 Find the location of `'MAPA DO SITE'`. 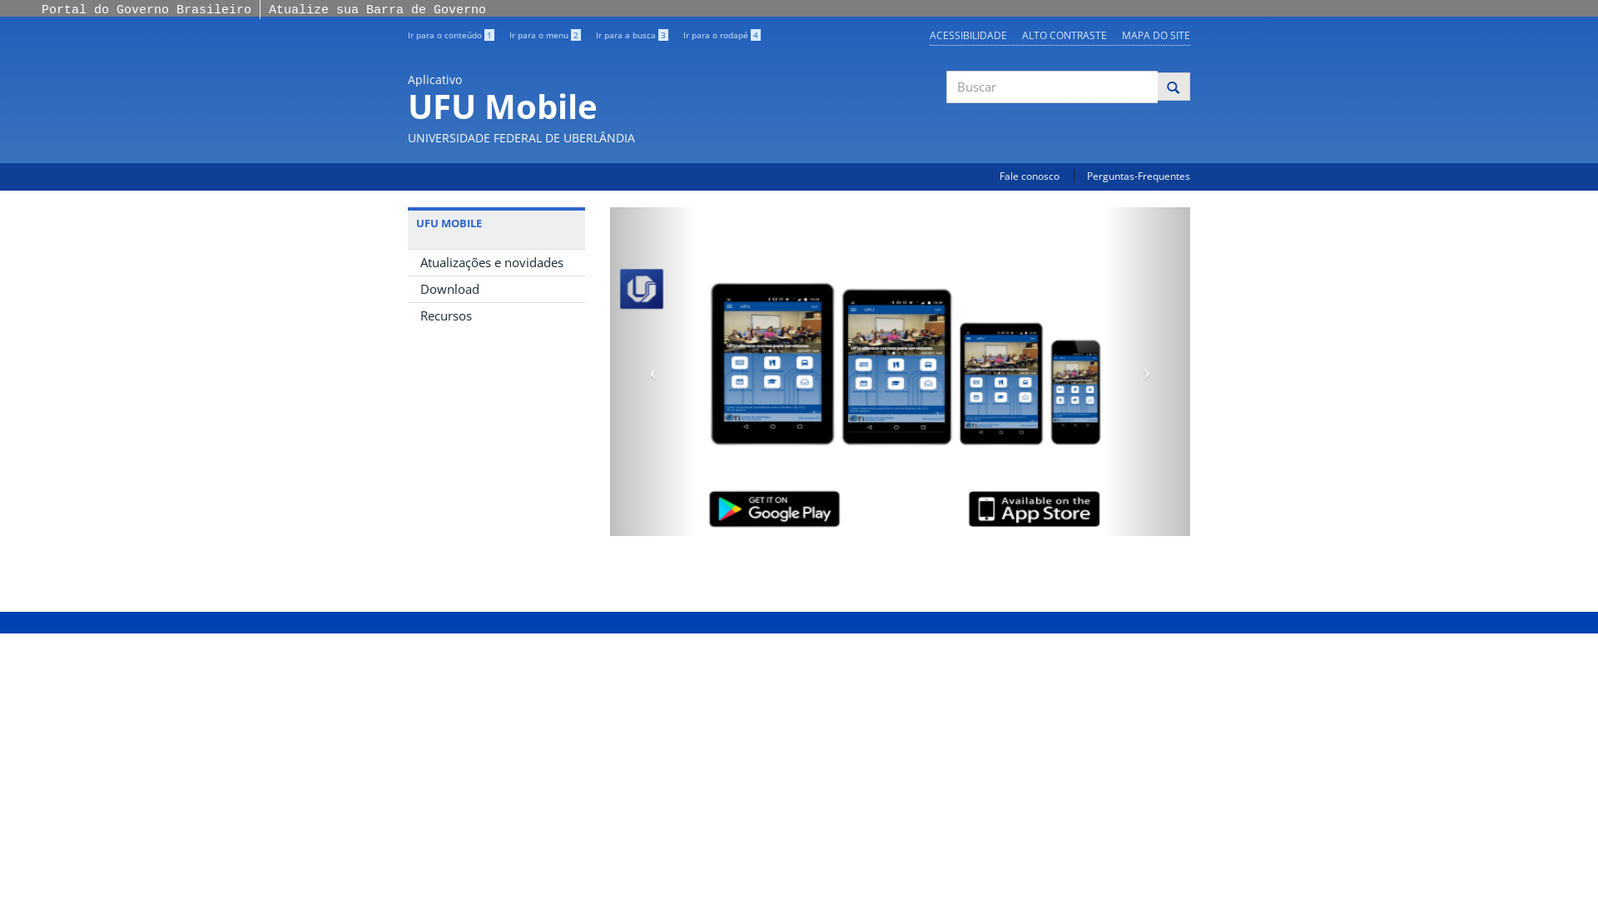

'MAPA DO SITE' is located at coordinates (1154, 35).